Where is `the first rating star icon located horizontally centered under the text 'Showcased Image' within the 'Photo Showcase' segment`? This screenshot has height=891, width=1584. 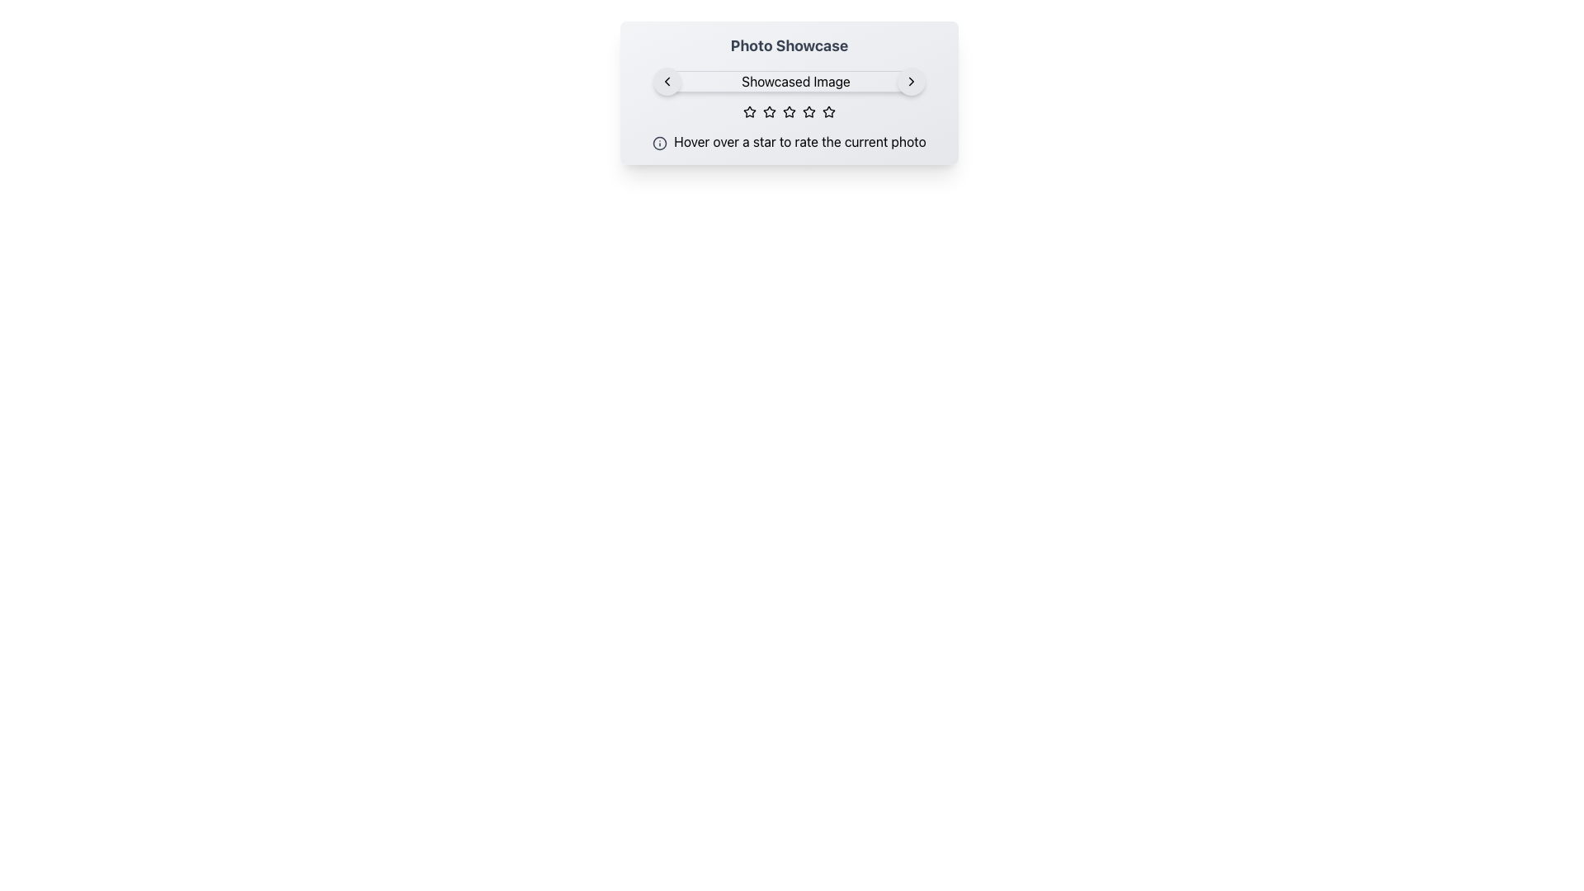 the first rating star icon located horizontally centered under the text 'Showcased Image' within the 'Photo Showcase' segment is located at coordinates (748, 111).